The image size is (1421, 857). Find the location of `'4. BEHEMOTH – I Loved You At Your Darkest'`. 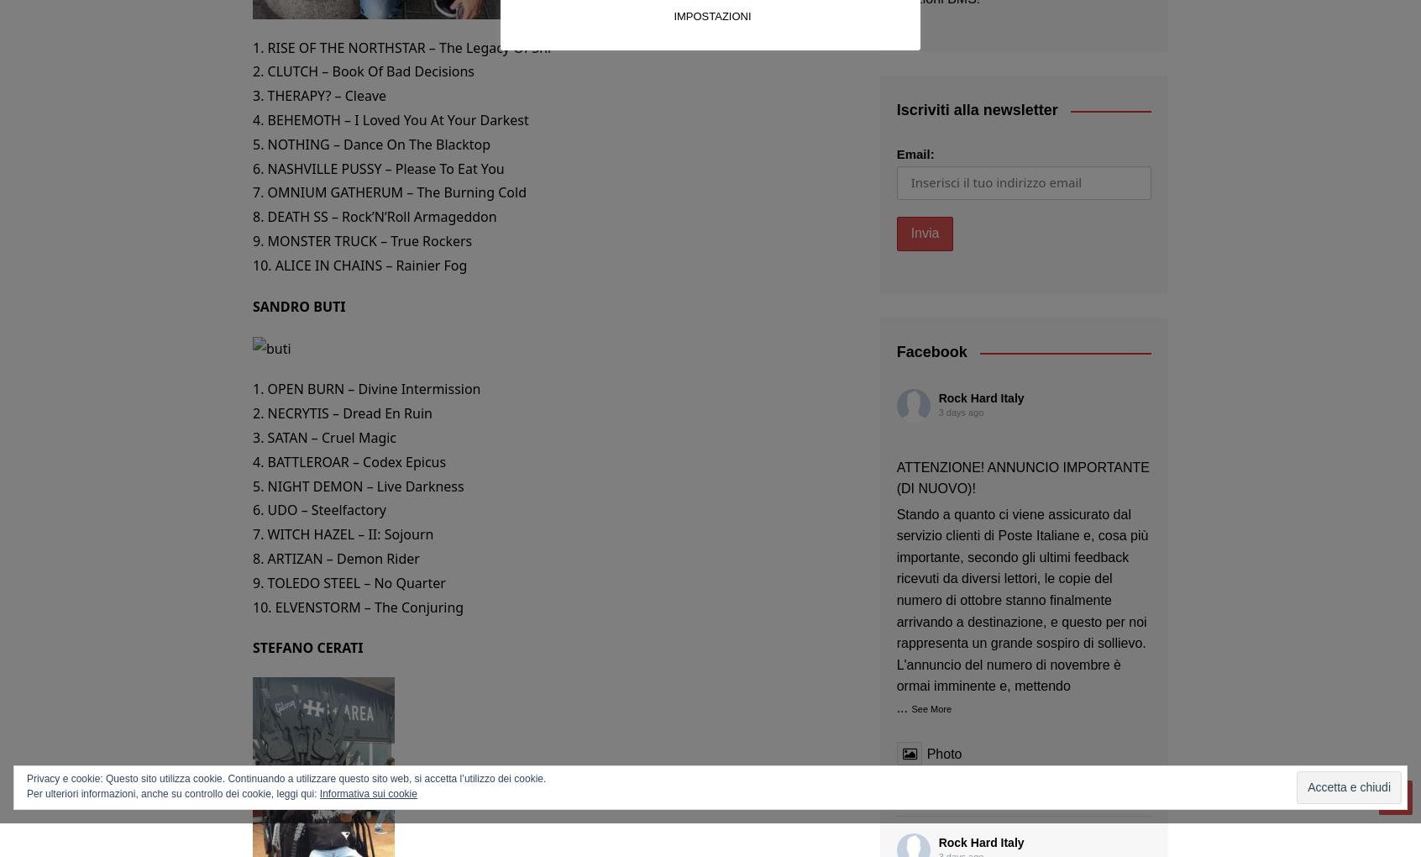

'4. BEHEMOTH – I Loved You At Your Darkest' is located at coordinates (389, 118).